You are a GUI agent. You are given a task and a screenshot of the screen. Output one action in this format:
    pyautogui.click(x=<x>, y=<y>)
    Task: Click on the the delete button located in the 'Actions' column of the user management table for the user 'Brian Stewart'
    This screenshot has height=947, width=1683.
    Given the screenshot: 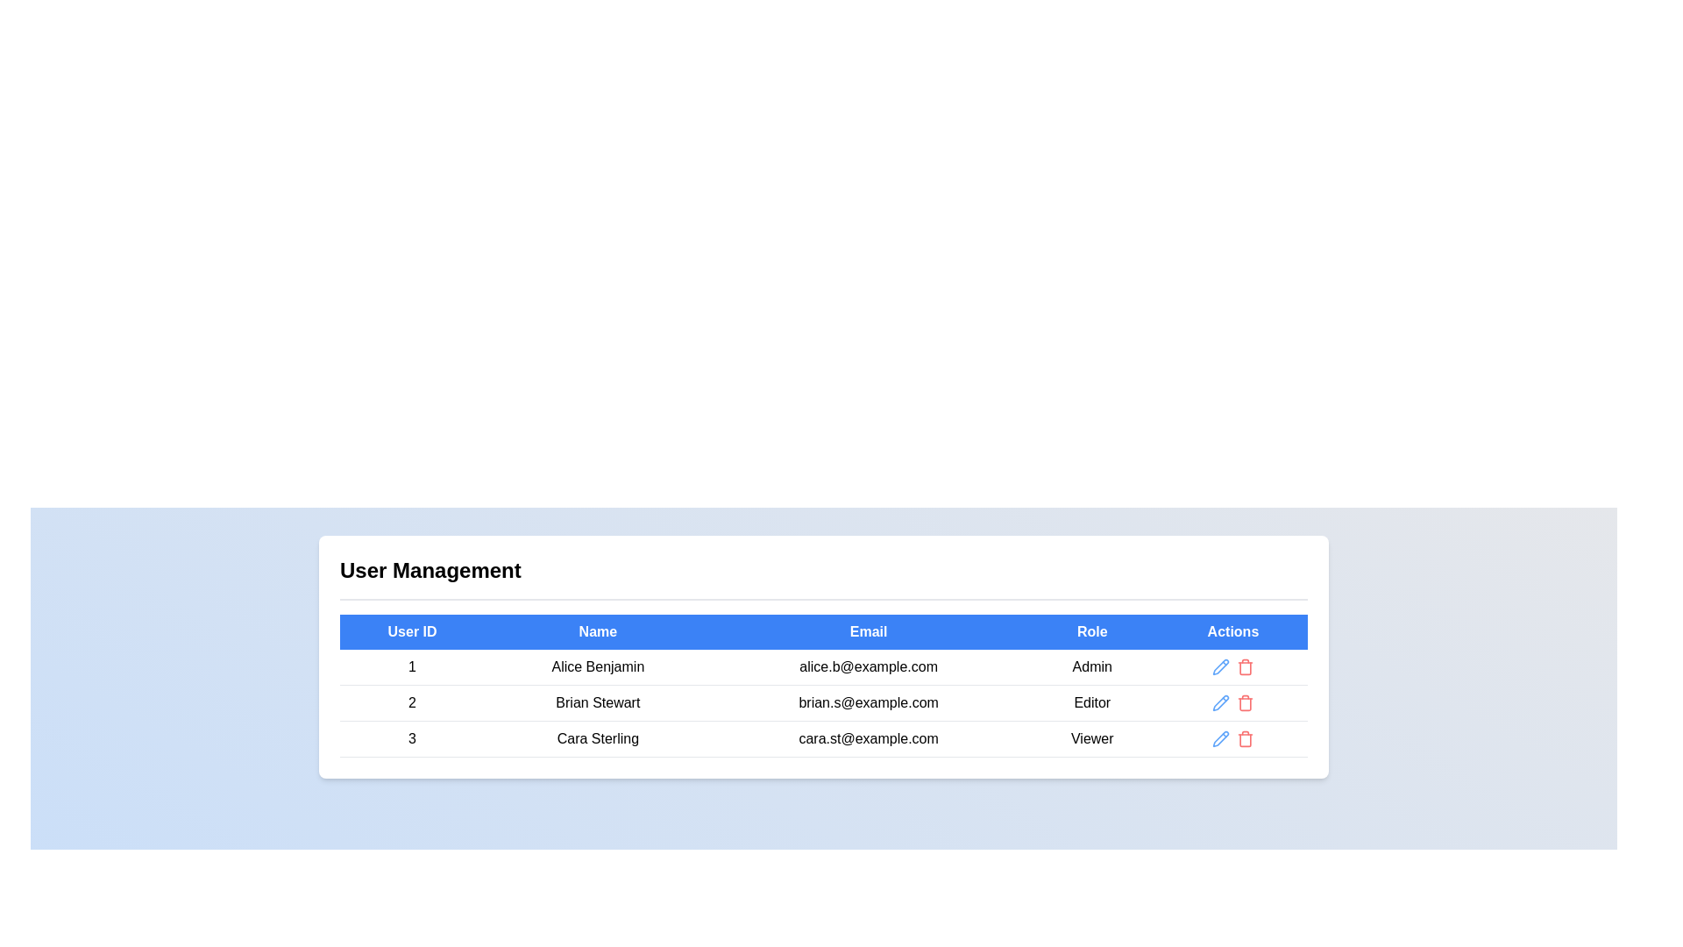 What is the action you would take?
    pyautogui.click(x=1244, y=702)
    